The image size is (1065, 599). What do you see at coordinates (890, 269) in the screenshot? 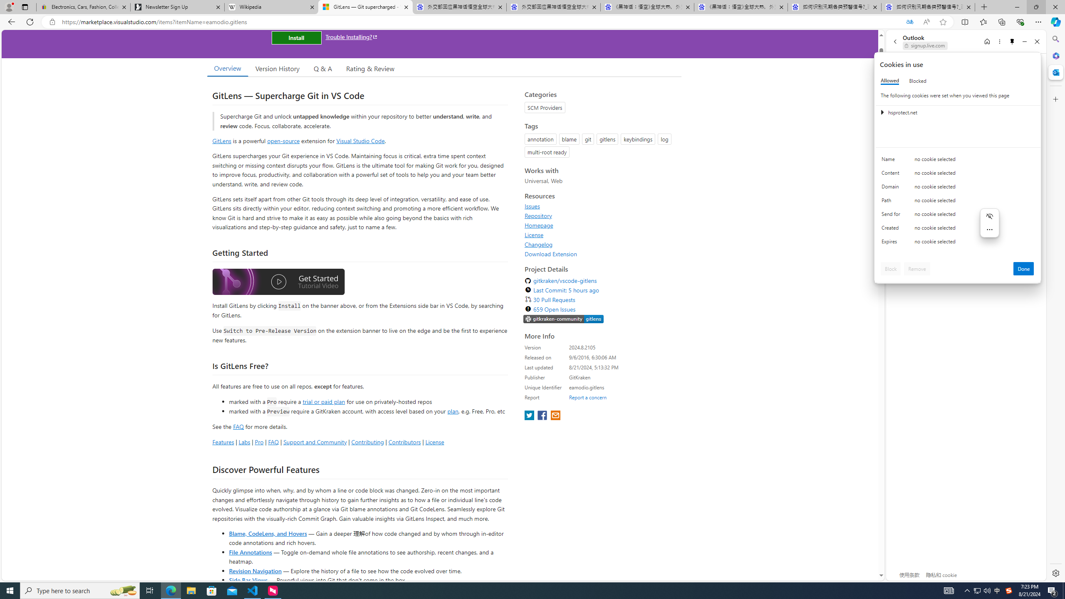
I see `'Block'` at bounding box center [890, 269].